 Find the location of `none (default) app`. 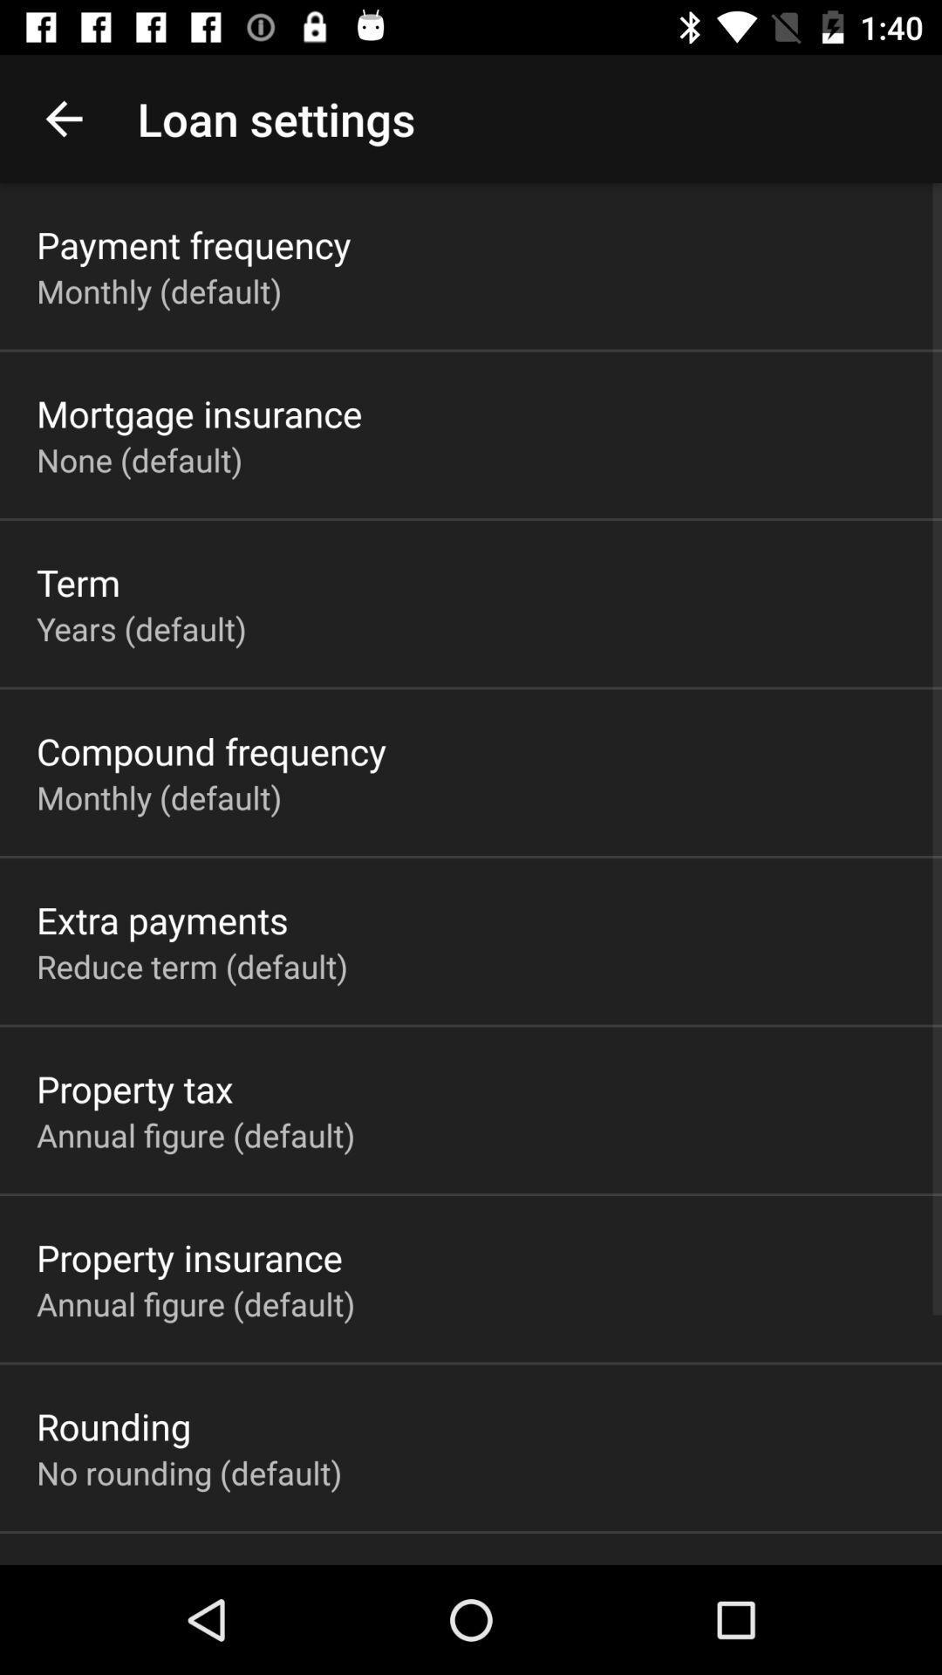

none (default) app is located at coordinates (139, 460).